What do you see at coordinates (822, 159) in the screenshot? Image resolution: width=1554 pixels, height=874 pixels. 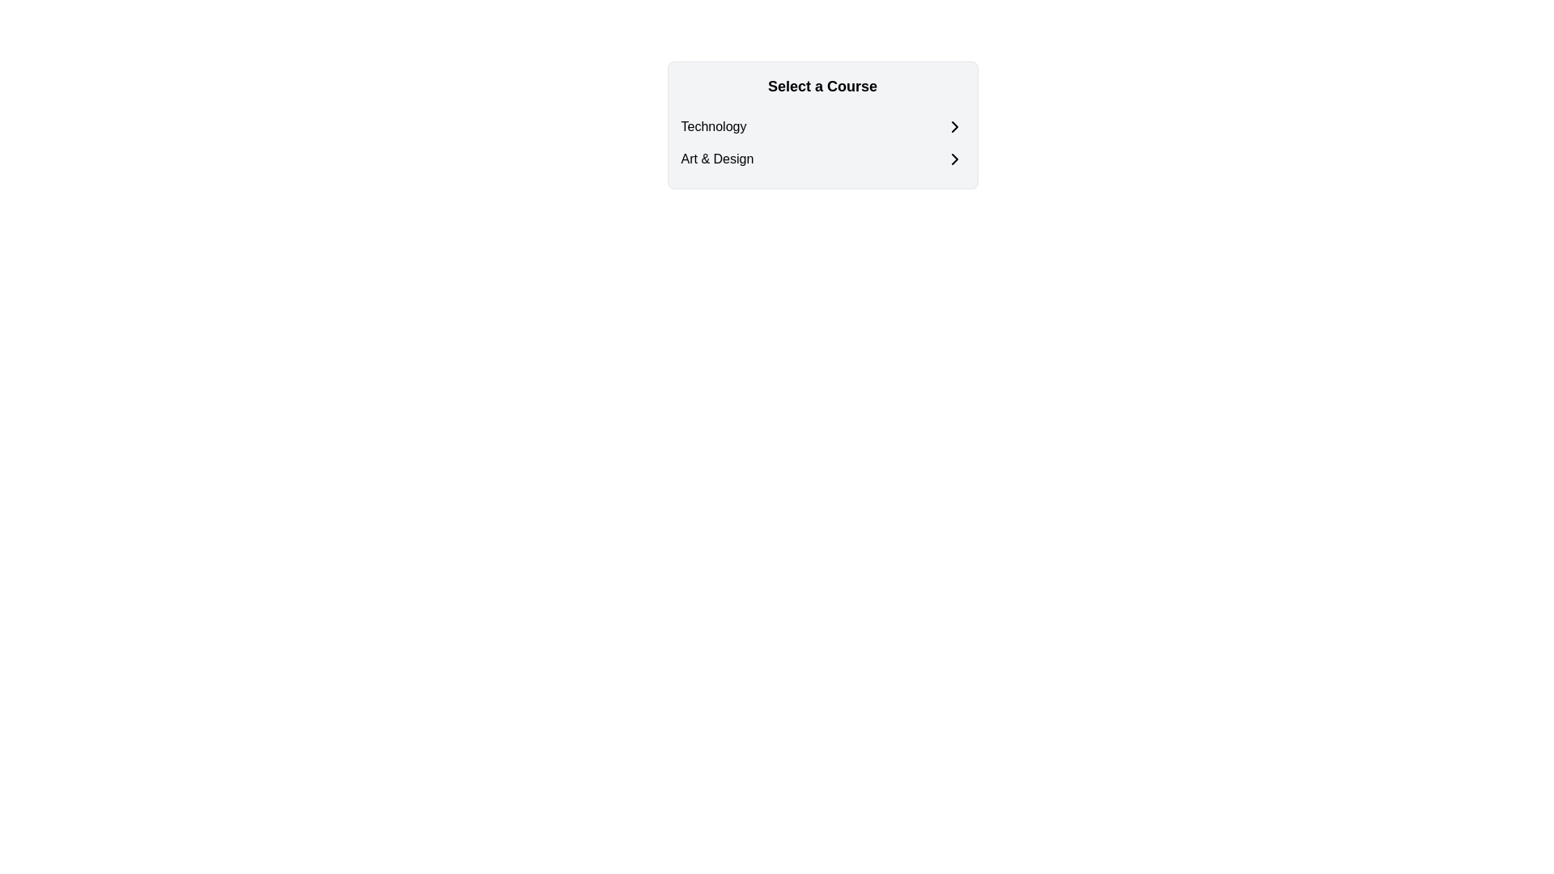 I see `the 'Art & Design' option list item` at bounding box center [822, 159].